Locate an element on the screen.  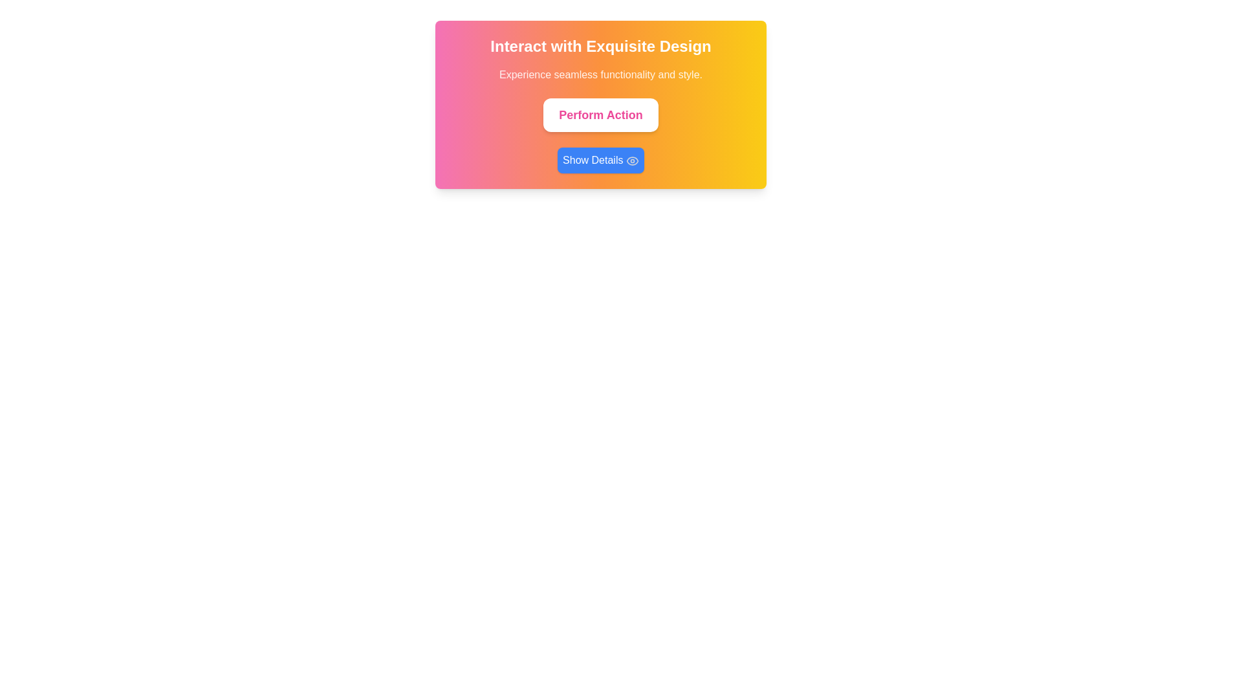
the eye-shaped icon with a circular outline located at the top-right corner of the blue 'Show Details' button is located at coordinates (632, 160).